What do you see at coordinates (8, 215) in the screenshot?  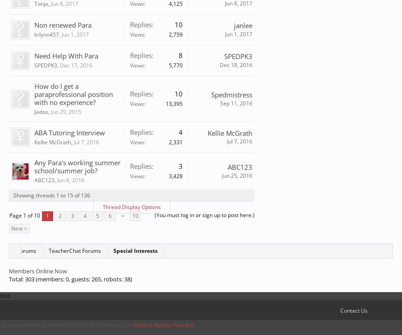 I see `'Page 1 of 10'` at bounding box center [8, 215].